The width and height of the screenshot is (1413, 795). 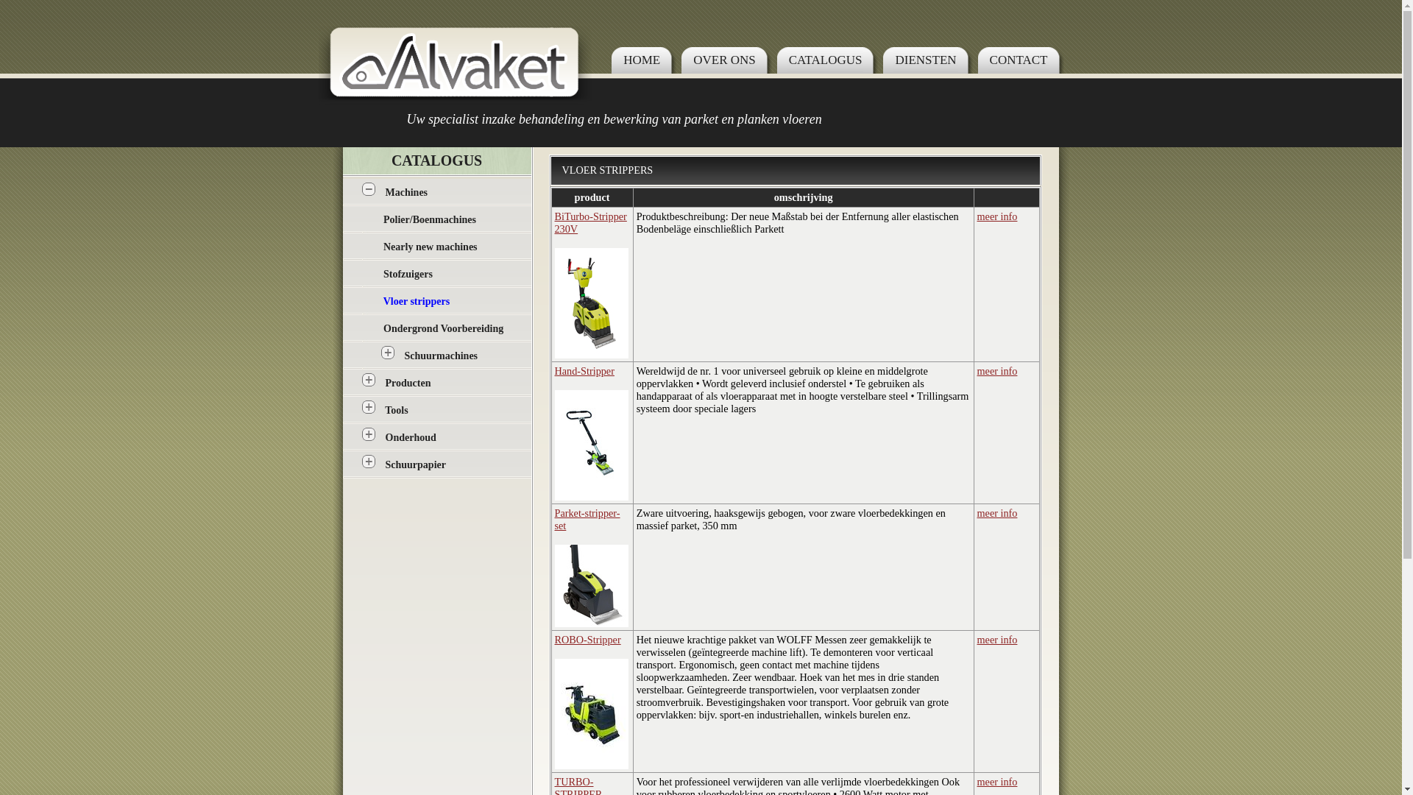 I want to click on 'ROBO-Stripper', so click(x=587, y=638).